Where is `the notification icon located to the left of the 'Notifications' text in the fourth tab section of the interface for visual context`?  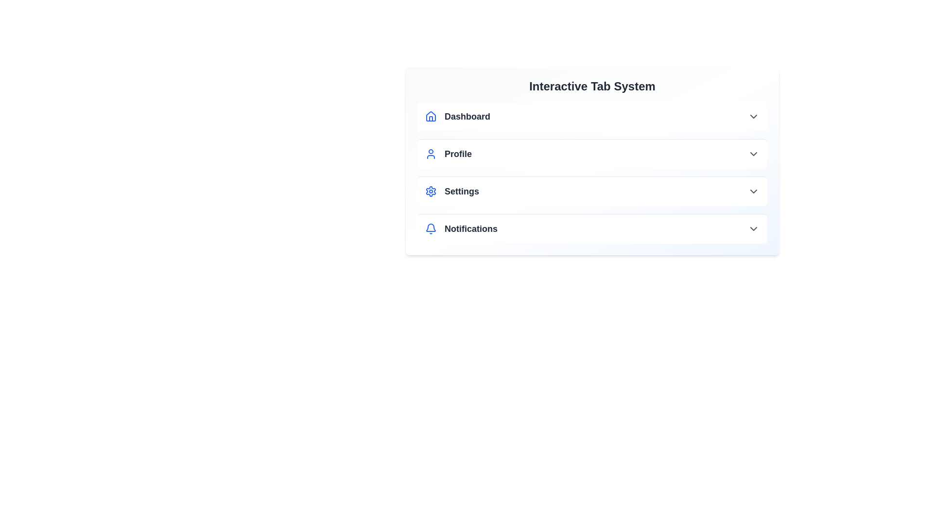
the notification icon located to the left of the 'Notifications' text in the fourth tab section of the interface for visual context is located at coordinates (431, 228).